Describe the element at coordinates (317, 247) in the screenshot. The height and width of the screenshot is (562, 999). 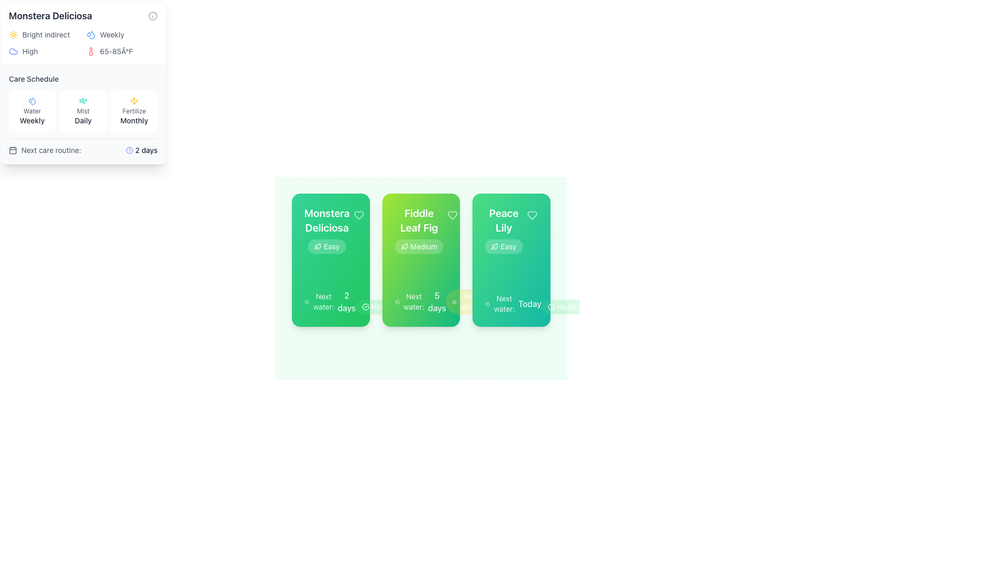
I see `the leaf icon styled as an SVG graphic, which is located within a small label to the left of the text 'Easy' on the card for 'Monstera Deliciosa'` at that location.